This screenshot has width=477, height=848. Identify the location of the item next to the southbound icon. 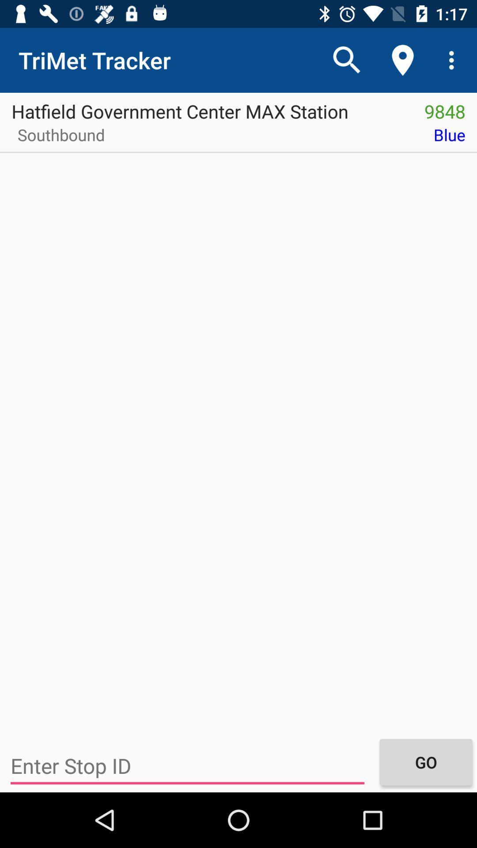
(296, 137).